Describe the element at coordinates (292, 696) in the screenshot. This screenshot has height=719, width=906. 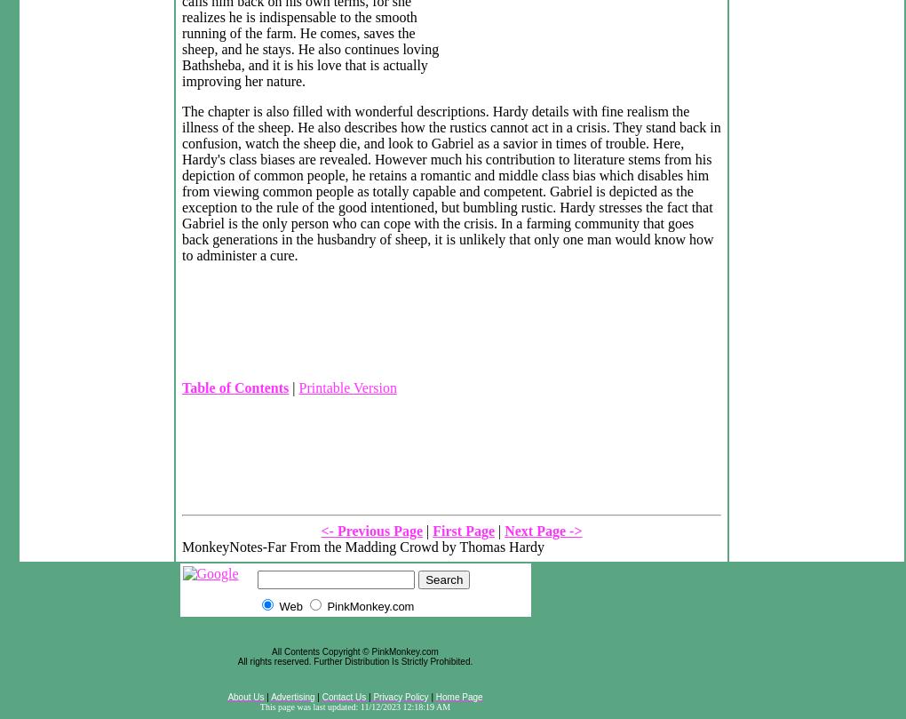
I see `'Advertising'` at that location.